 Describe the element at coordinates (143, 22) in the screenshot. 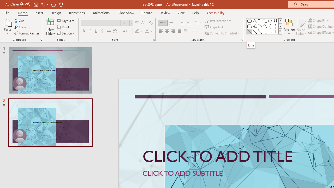

I see `'Decrease Font Size'` at that location.